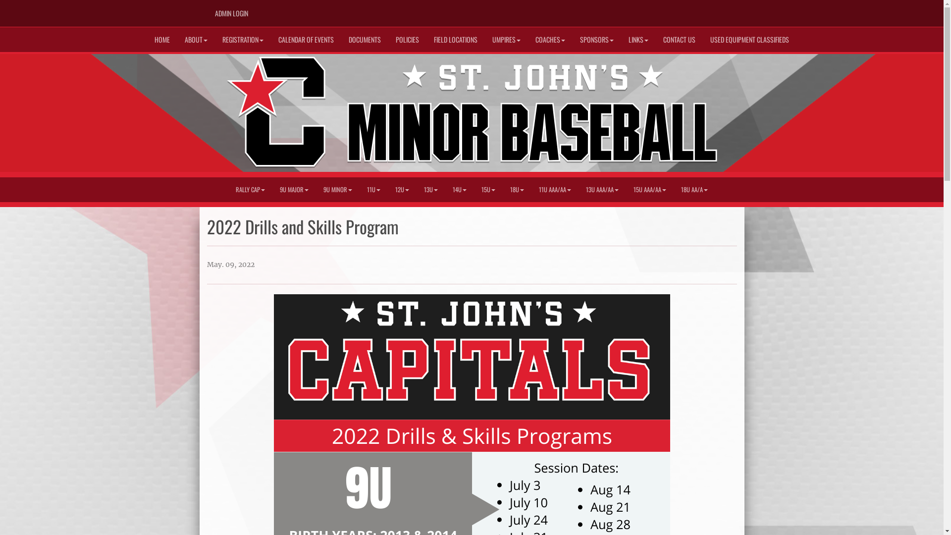 This screenshot has height=535, width=951. Describe the element at coordinates (387, 39) in the screenshot. I see `'POLICIES'` at that location.